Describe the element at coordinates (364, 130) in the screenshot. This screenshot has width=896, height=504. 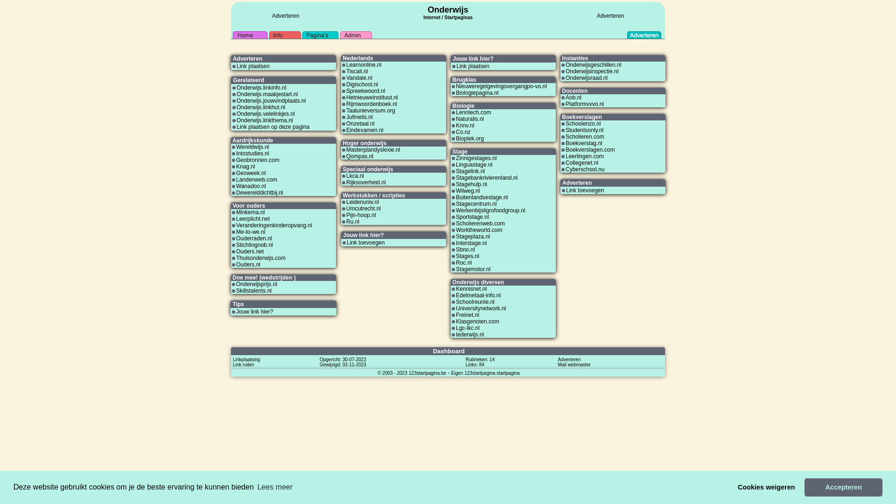
I see `'Eindexamen.nl'` at that location.